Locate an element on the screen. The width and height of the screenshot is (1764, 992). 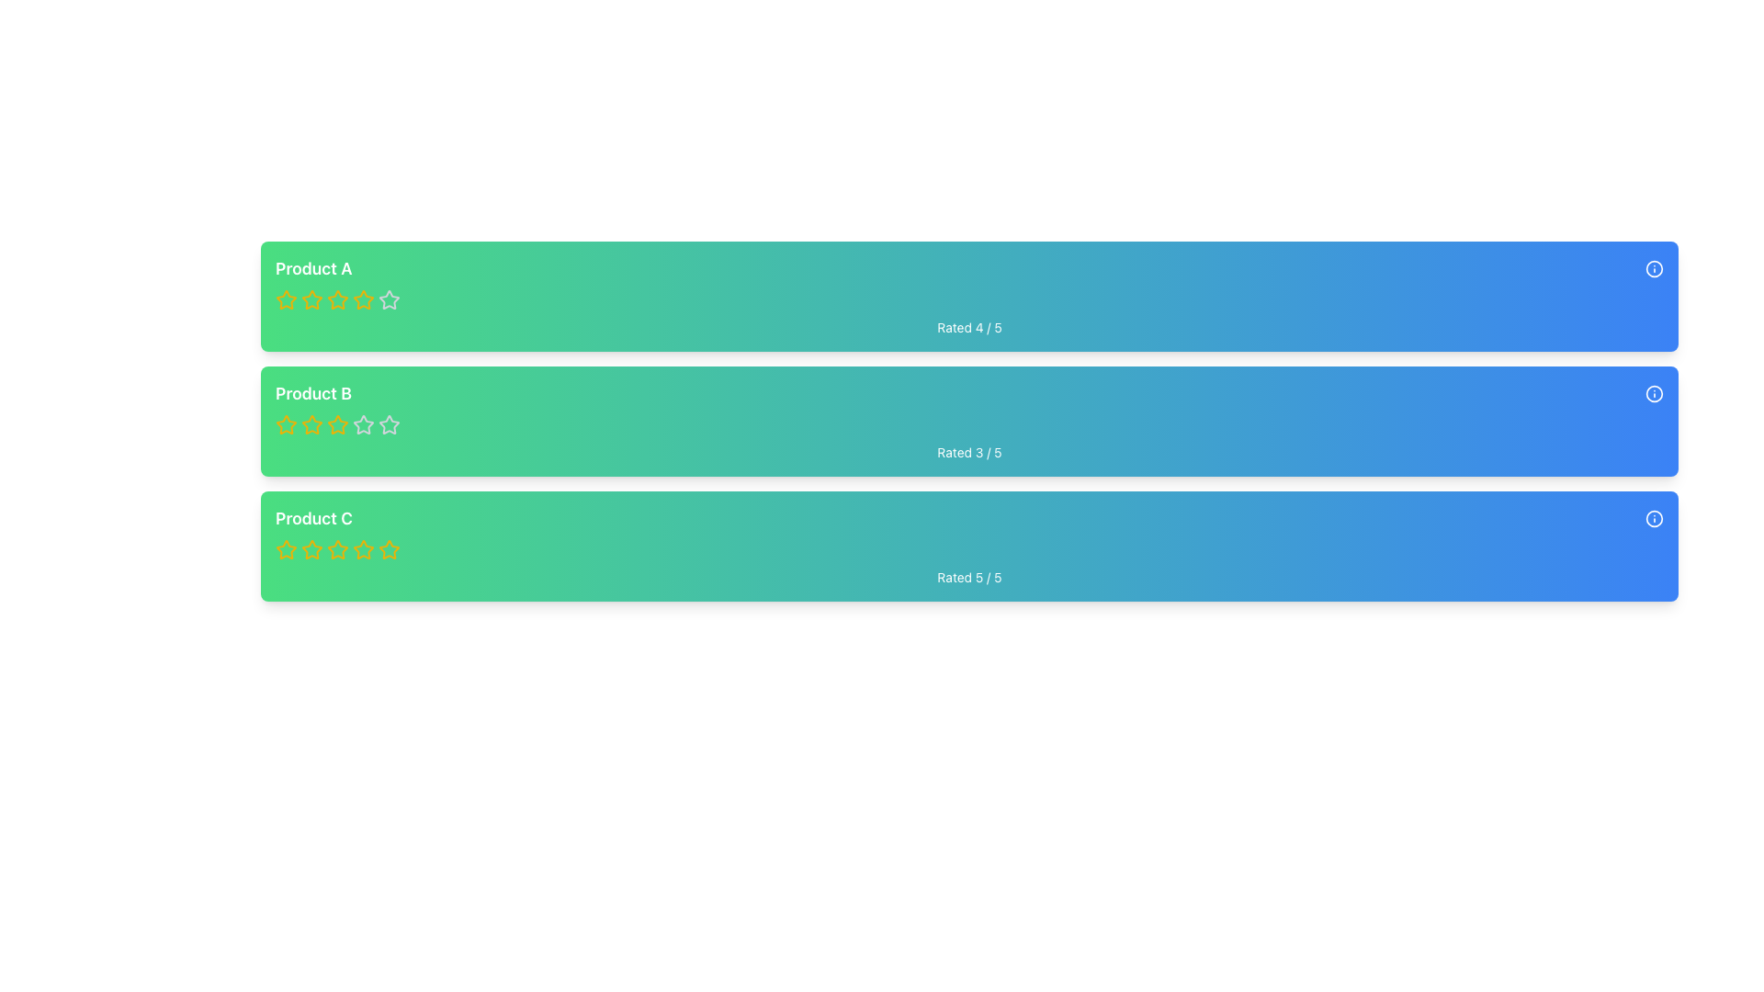
the second star icon in the rating interface of 'Product A' is located at coordinates (312, 299).